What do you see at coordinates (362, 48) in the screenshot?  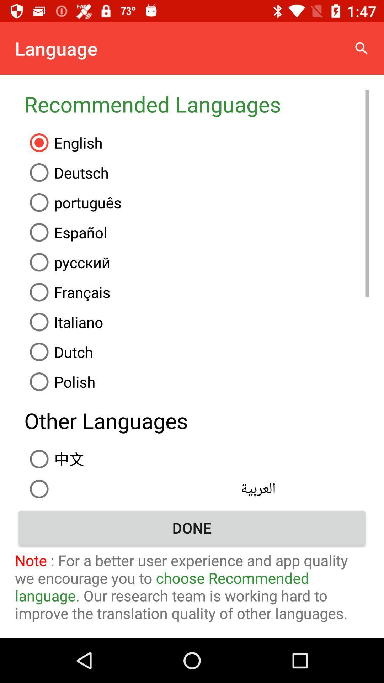 I see `icon above the recommended languages` at bounding box center [362, 48].